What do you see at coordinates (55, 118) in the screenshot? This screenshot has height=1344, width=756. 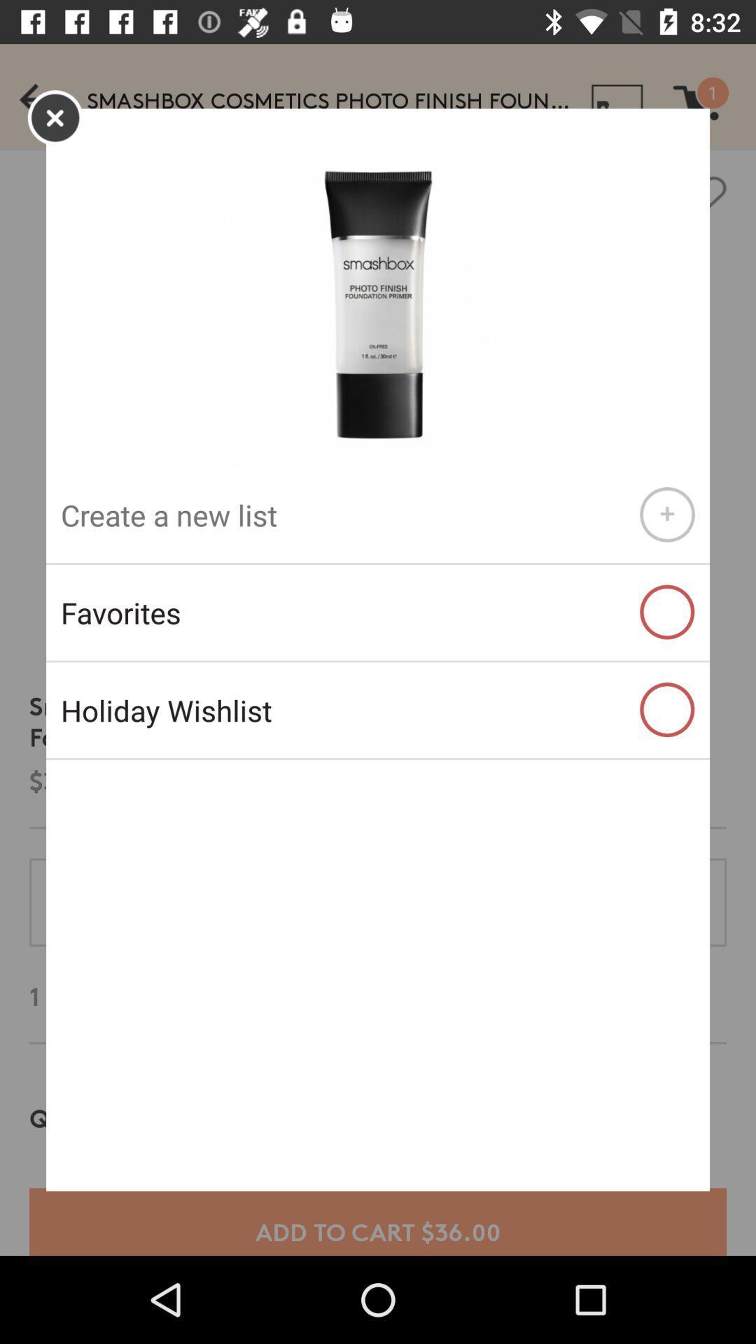 I see `the close icon` at bounding box center [55, 118].